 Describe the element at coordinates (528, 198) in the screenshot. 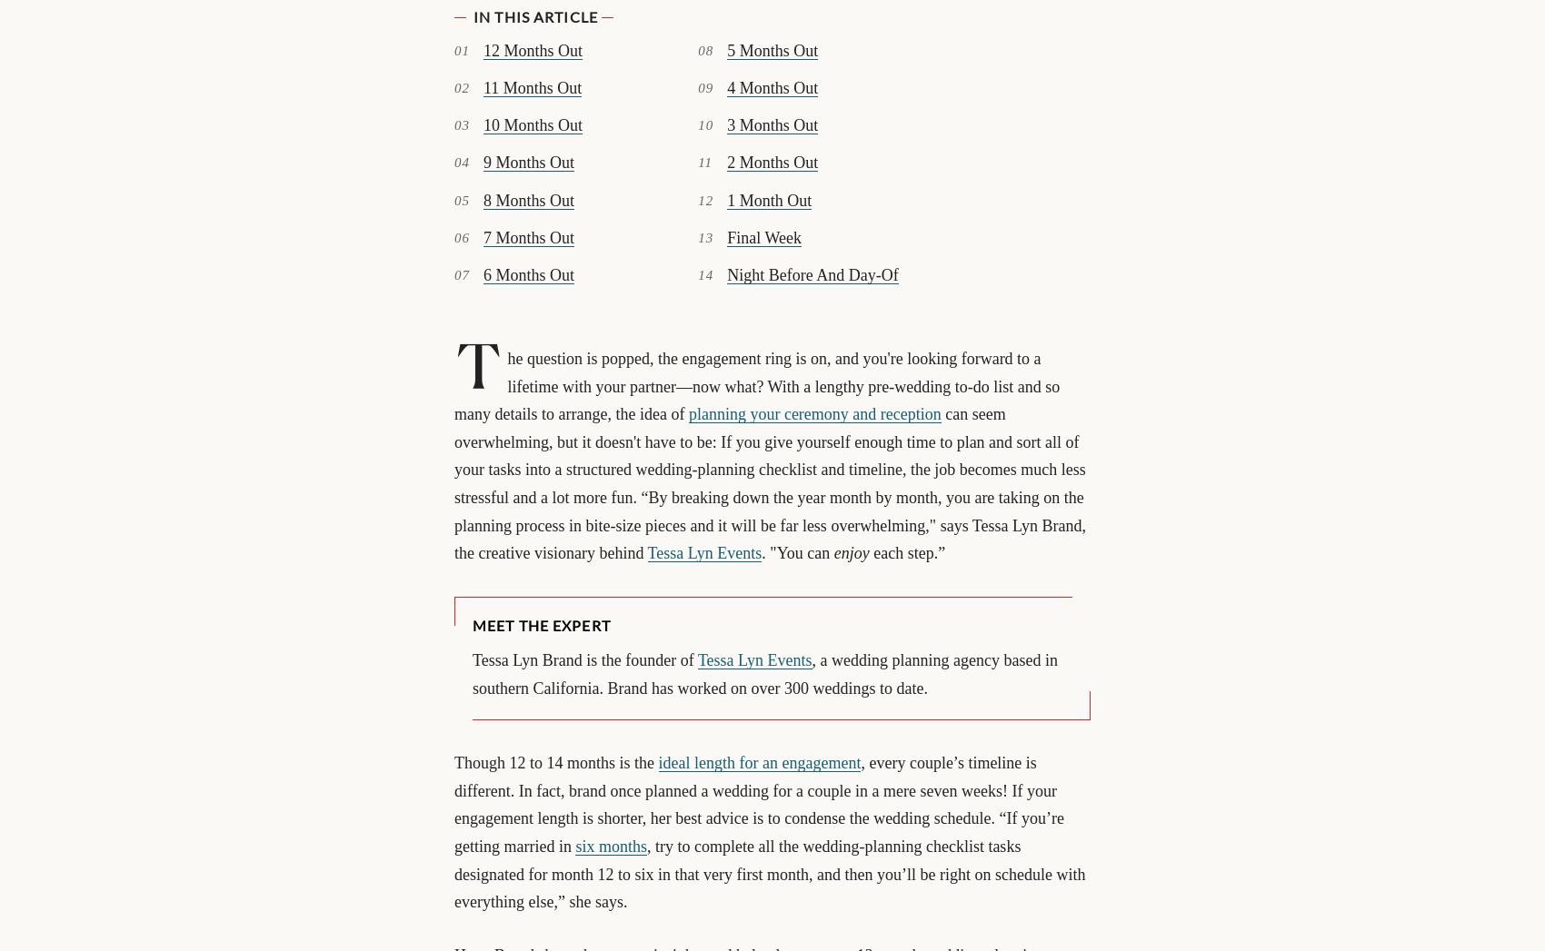

I see `'8 Months Out'` at that location.